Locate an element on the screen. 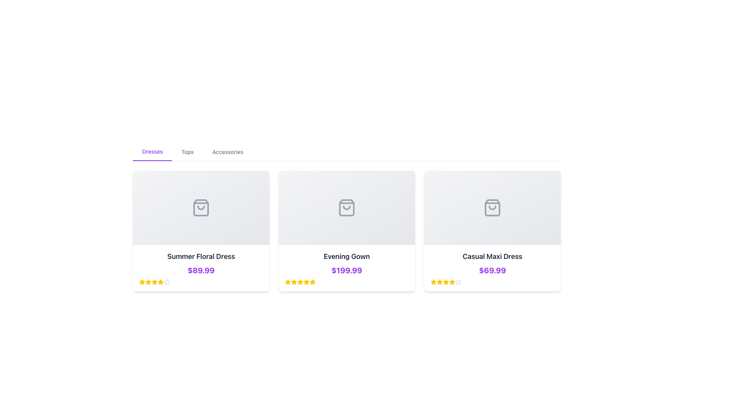 The image size is (744, 418). the third star icon in the rating system is located at coordinates (148, 282).